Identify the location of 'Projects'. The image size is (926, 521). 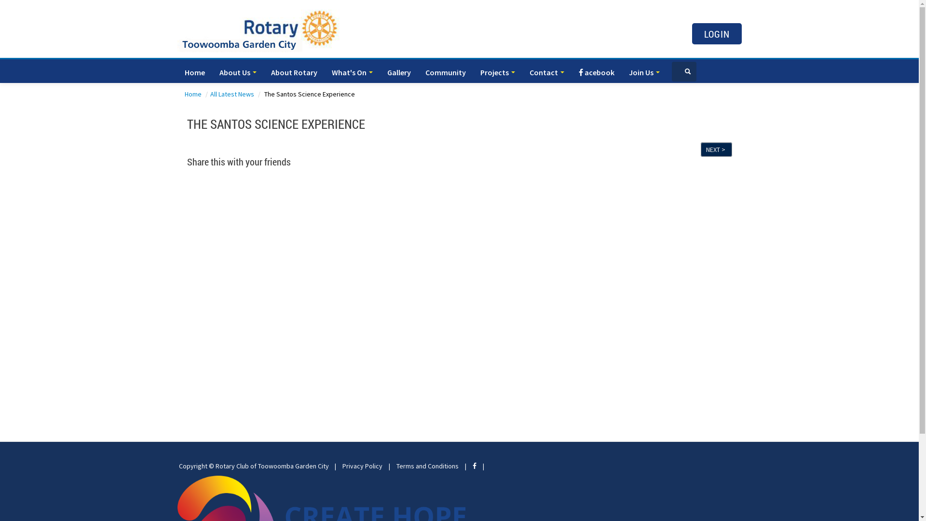
(497, 72).